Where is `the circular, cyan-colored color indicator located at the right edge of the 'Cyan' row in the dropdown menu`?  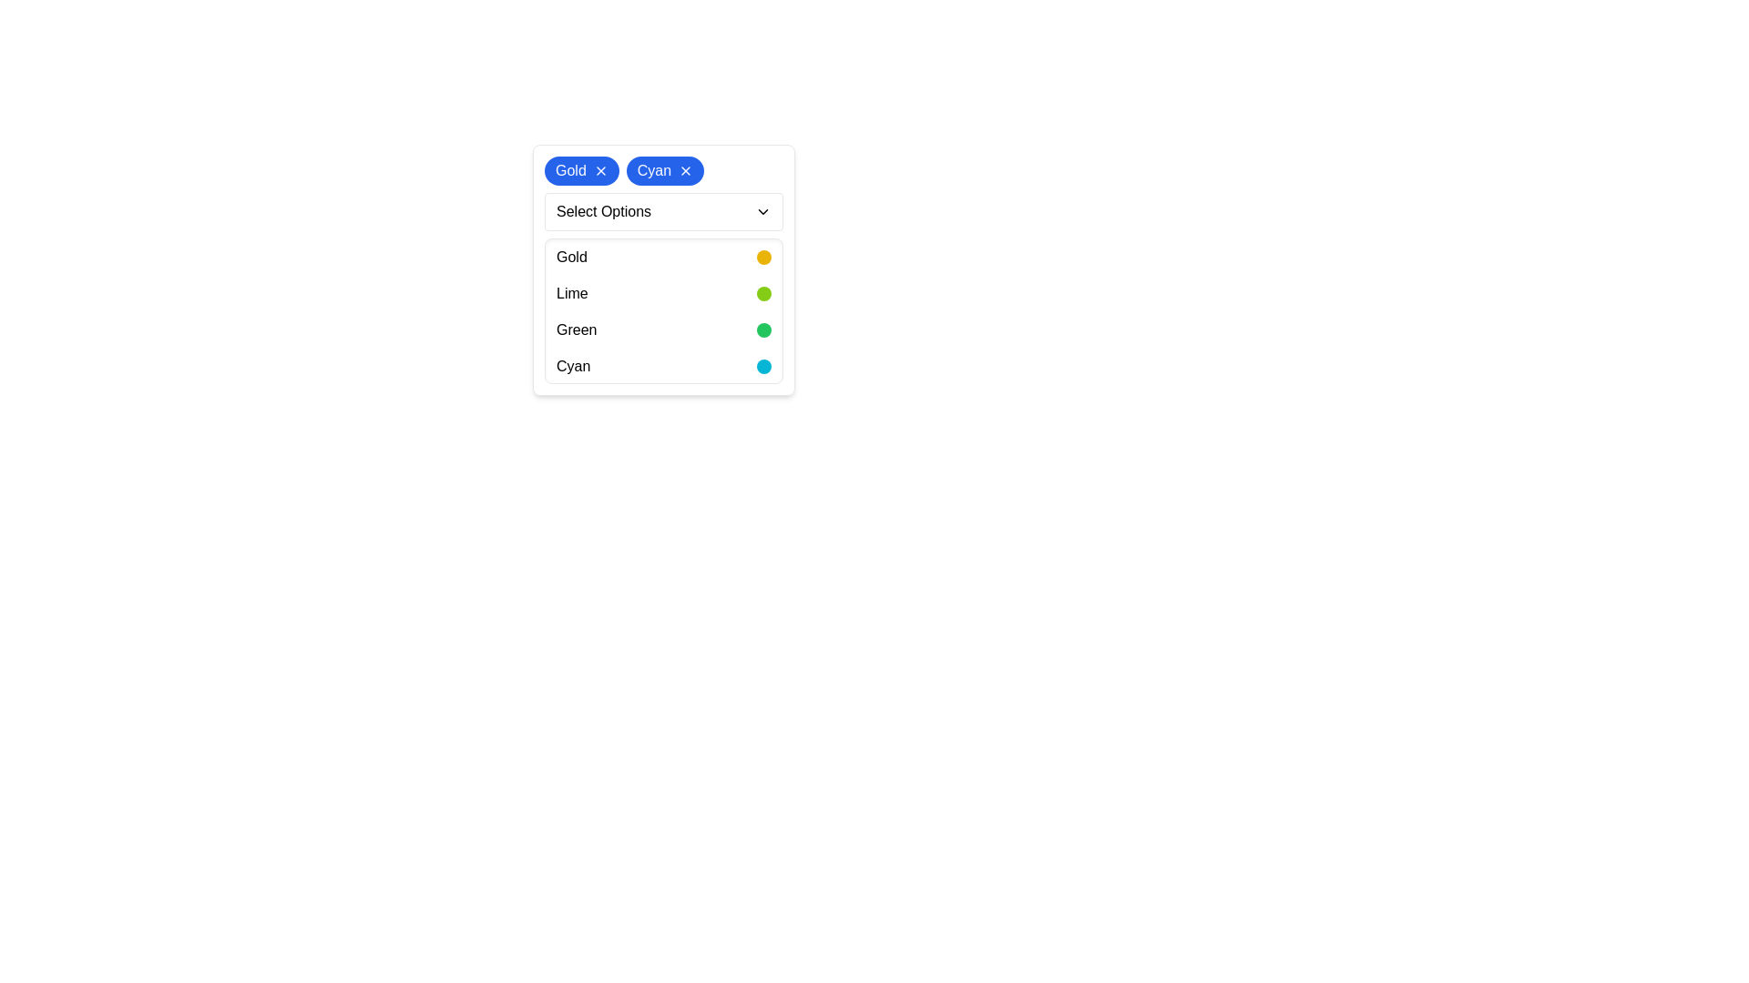
the circular, cyan-colored color indicator located at the right edge of the 'Cyan' row in the dropdown menu is located at coordinates (764, 366).